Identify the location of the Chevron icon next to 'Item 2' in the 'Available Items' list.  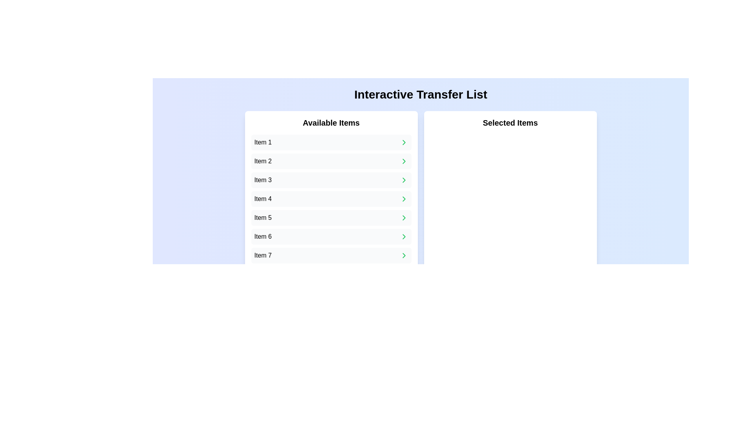
(404, 161).